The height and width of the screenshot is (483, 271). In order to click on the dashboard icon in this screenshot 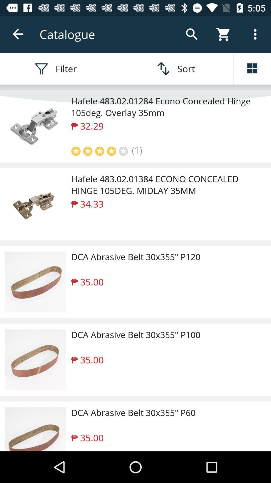, I will do `click(252, 68)`.